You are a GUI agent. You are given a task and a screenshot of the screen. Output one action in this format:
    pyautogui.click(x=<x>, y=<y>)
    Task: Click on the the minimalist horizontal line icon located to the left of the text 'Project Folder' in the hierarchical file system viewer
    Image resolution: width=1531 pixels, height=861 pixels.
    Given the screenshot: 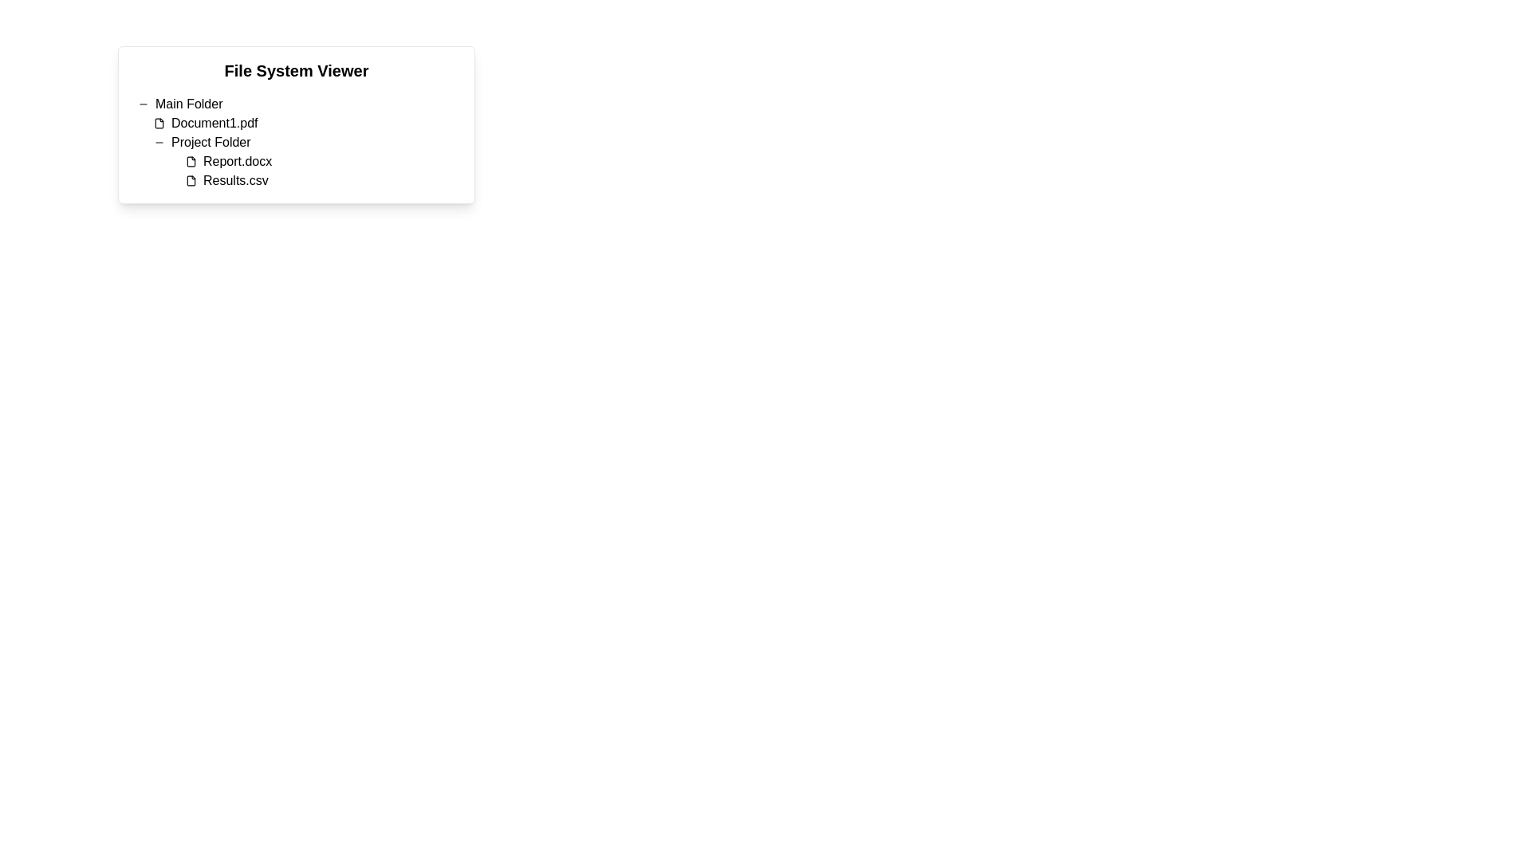 What is the action you would take?
    pyautogui.click(x=159, y=141)
    